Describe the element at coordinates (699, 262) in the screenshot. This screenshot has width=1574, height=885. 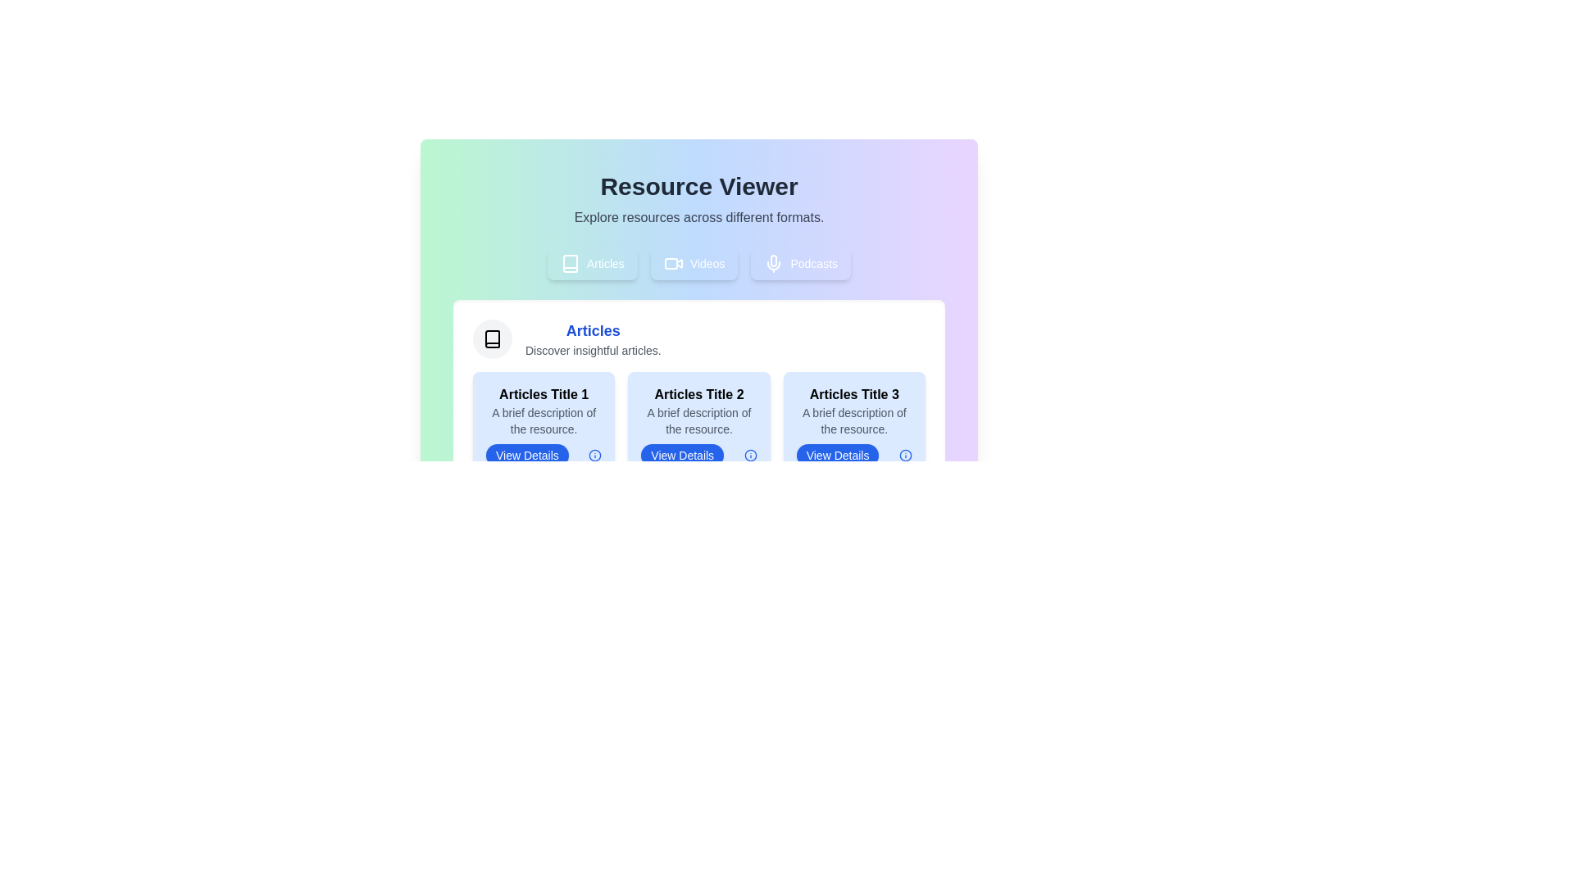
I see `the 'Videos' button in the button group` at that location.